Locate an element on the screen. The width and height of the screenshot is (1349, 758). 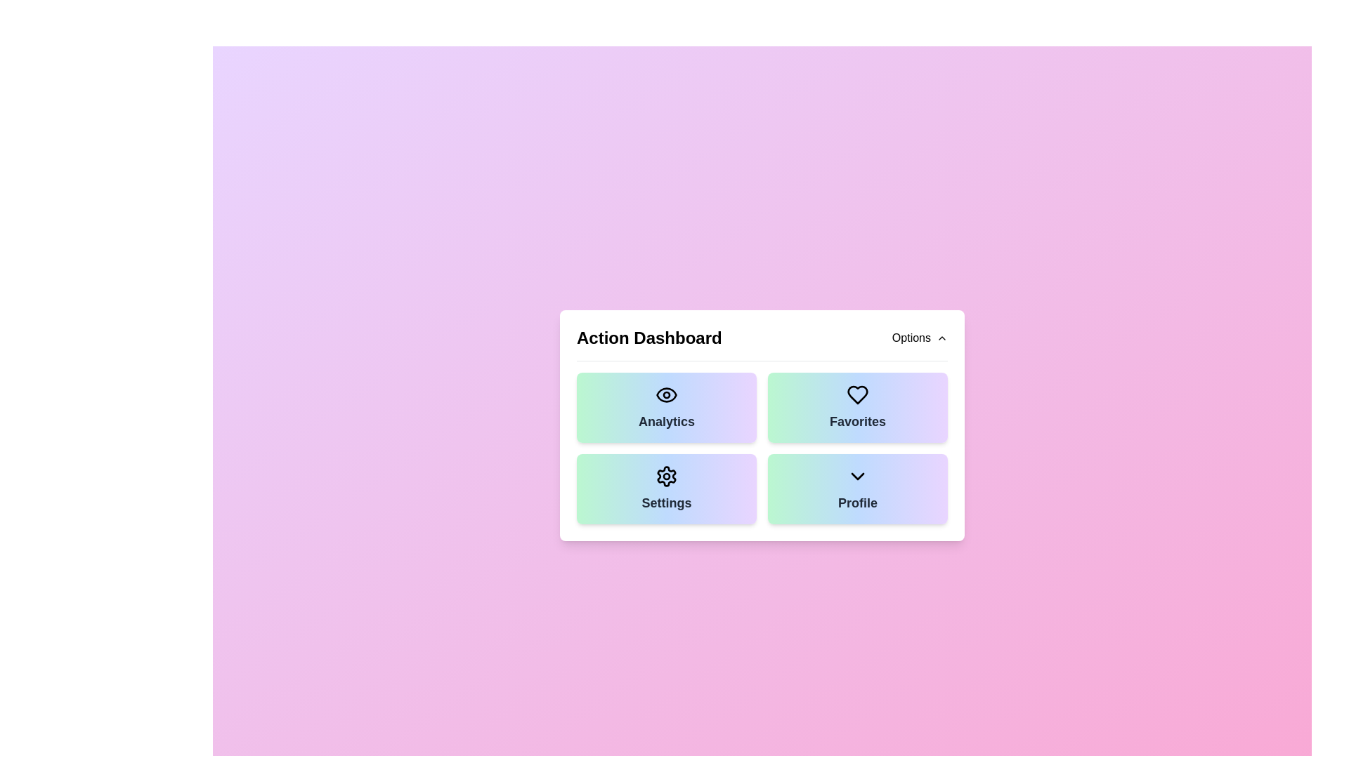
the chevron-down icon within the 'Profile' button located in the lower-right corner of the 'Action Dashboard' card is located at coordinates (856, 475).